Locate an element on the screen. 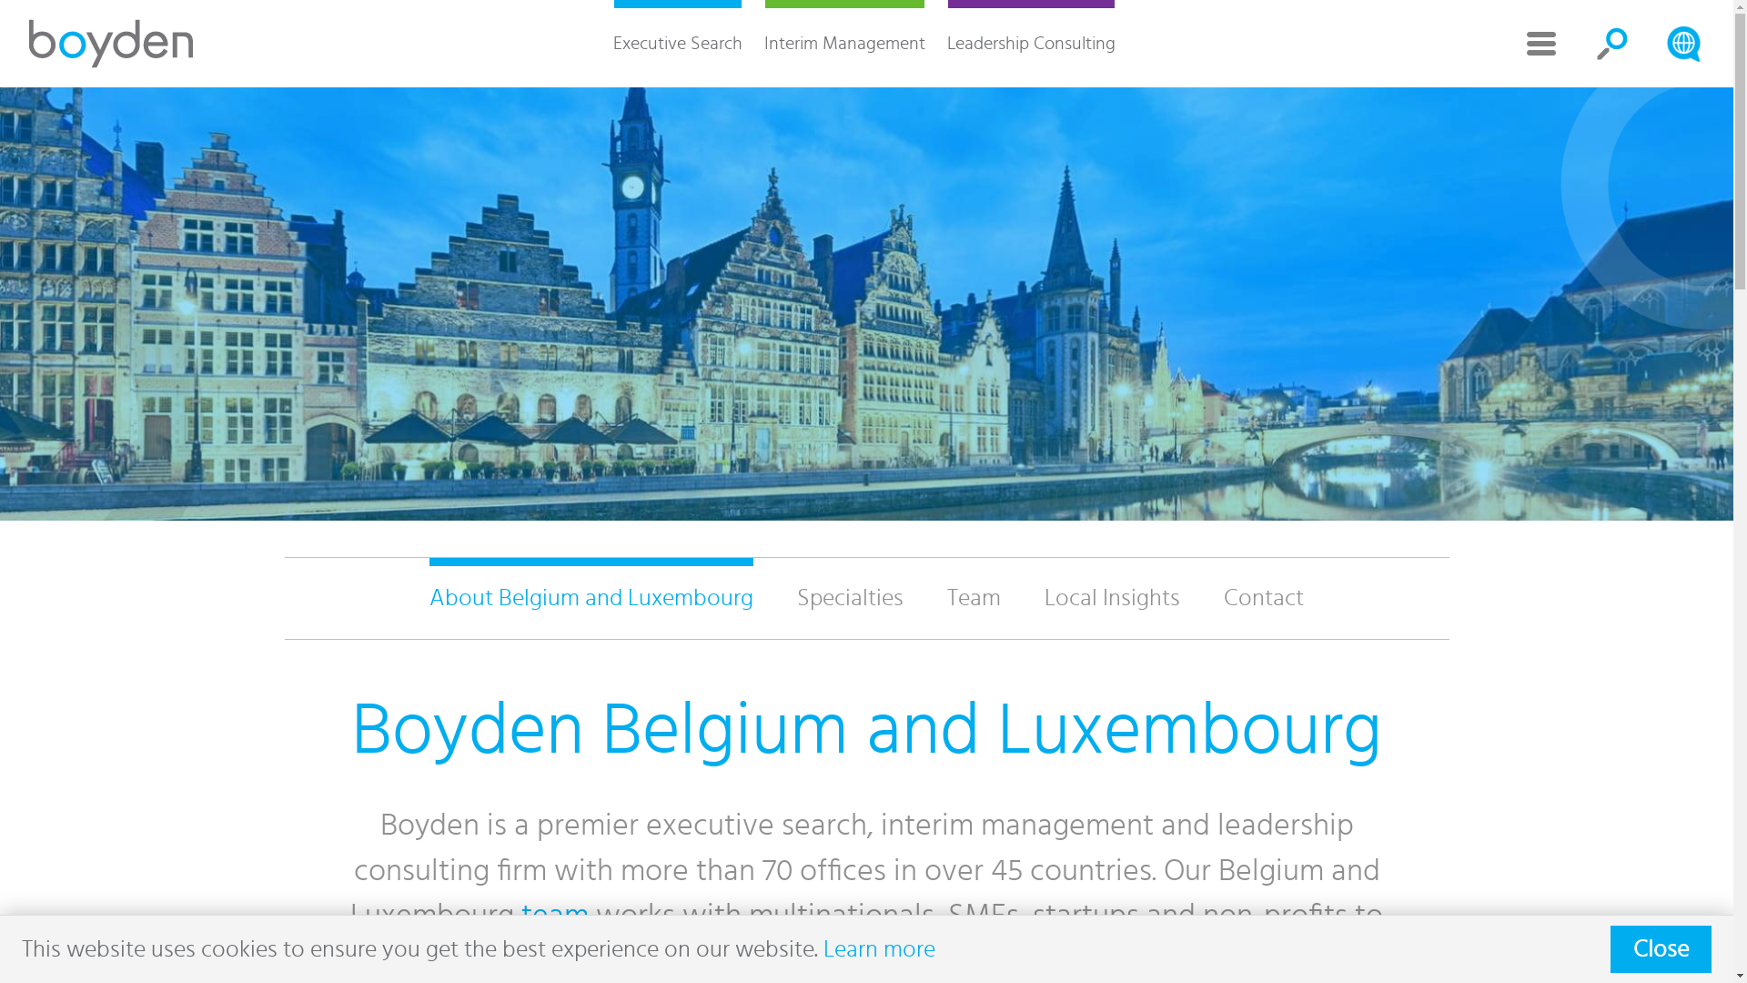 This screenshot has height=983, width=1747. 'About Belgium and Luxembourg' is located at coordinates (591, 598).